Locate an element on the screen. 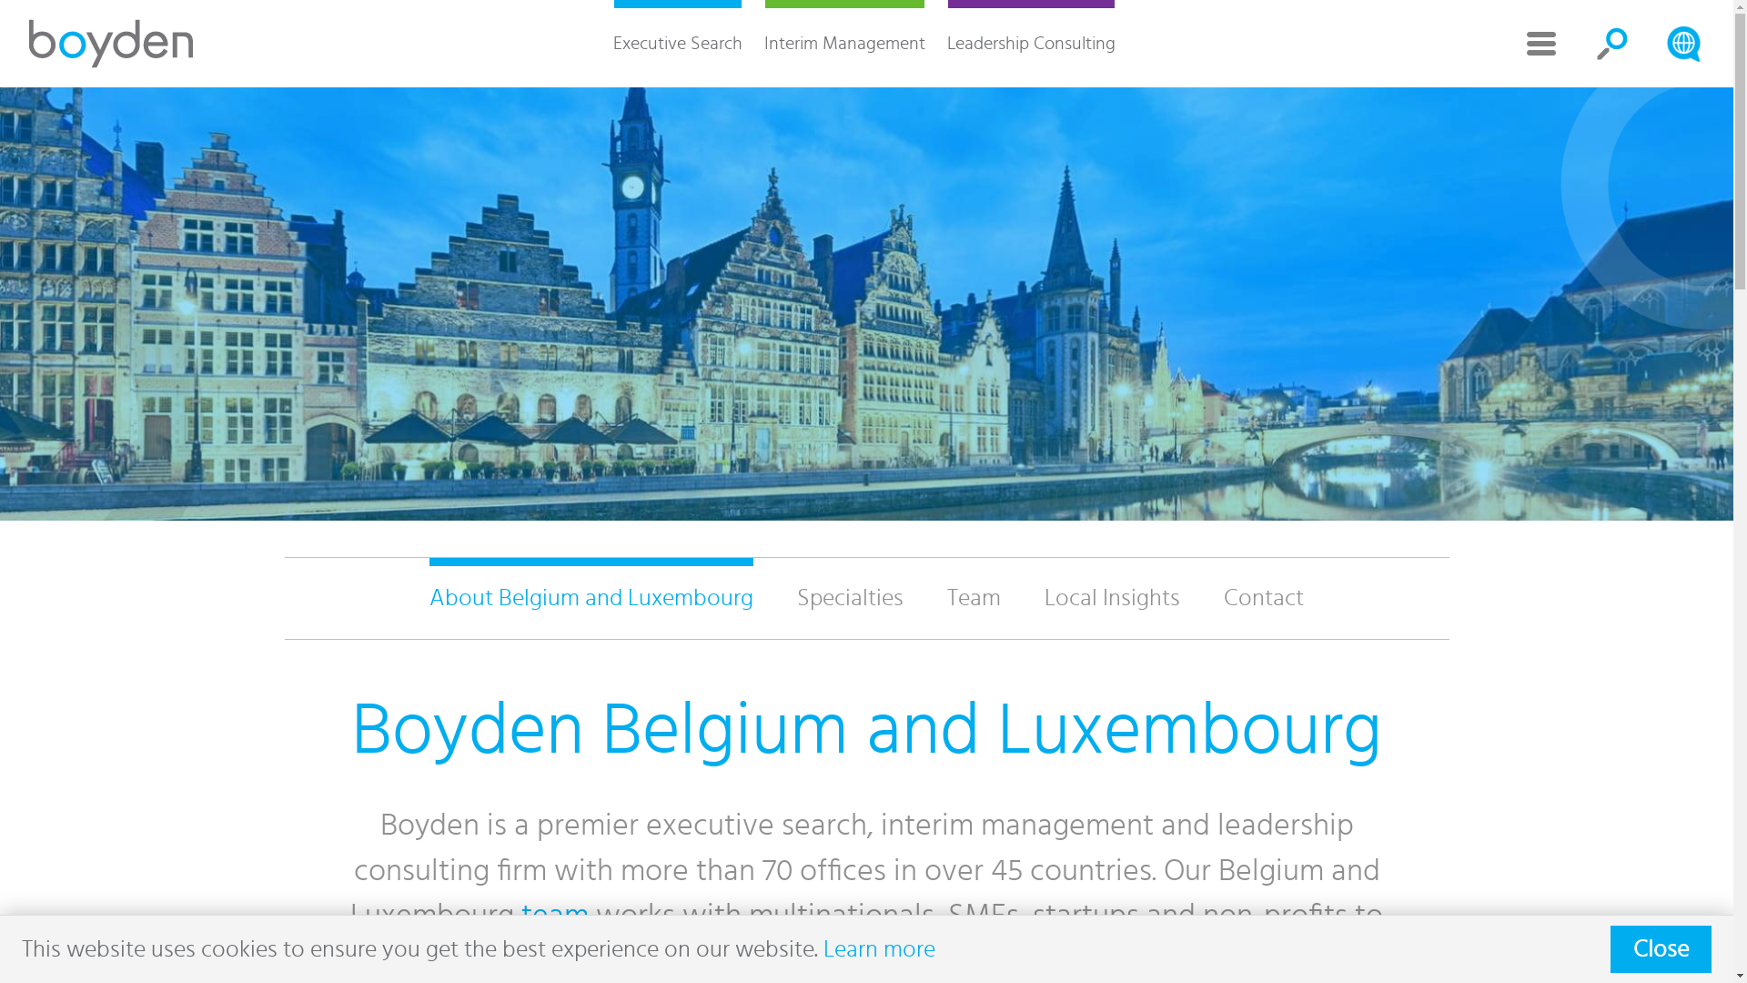 This screenshot has height=983, width=1747. 'About Belgium and Luxembourg' is located at coordinates (591, 598).